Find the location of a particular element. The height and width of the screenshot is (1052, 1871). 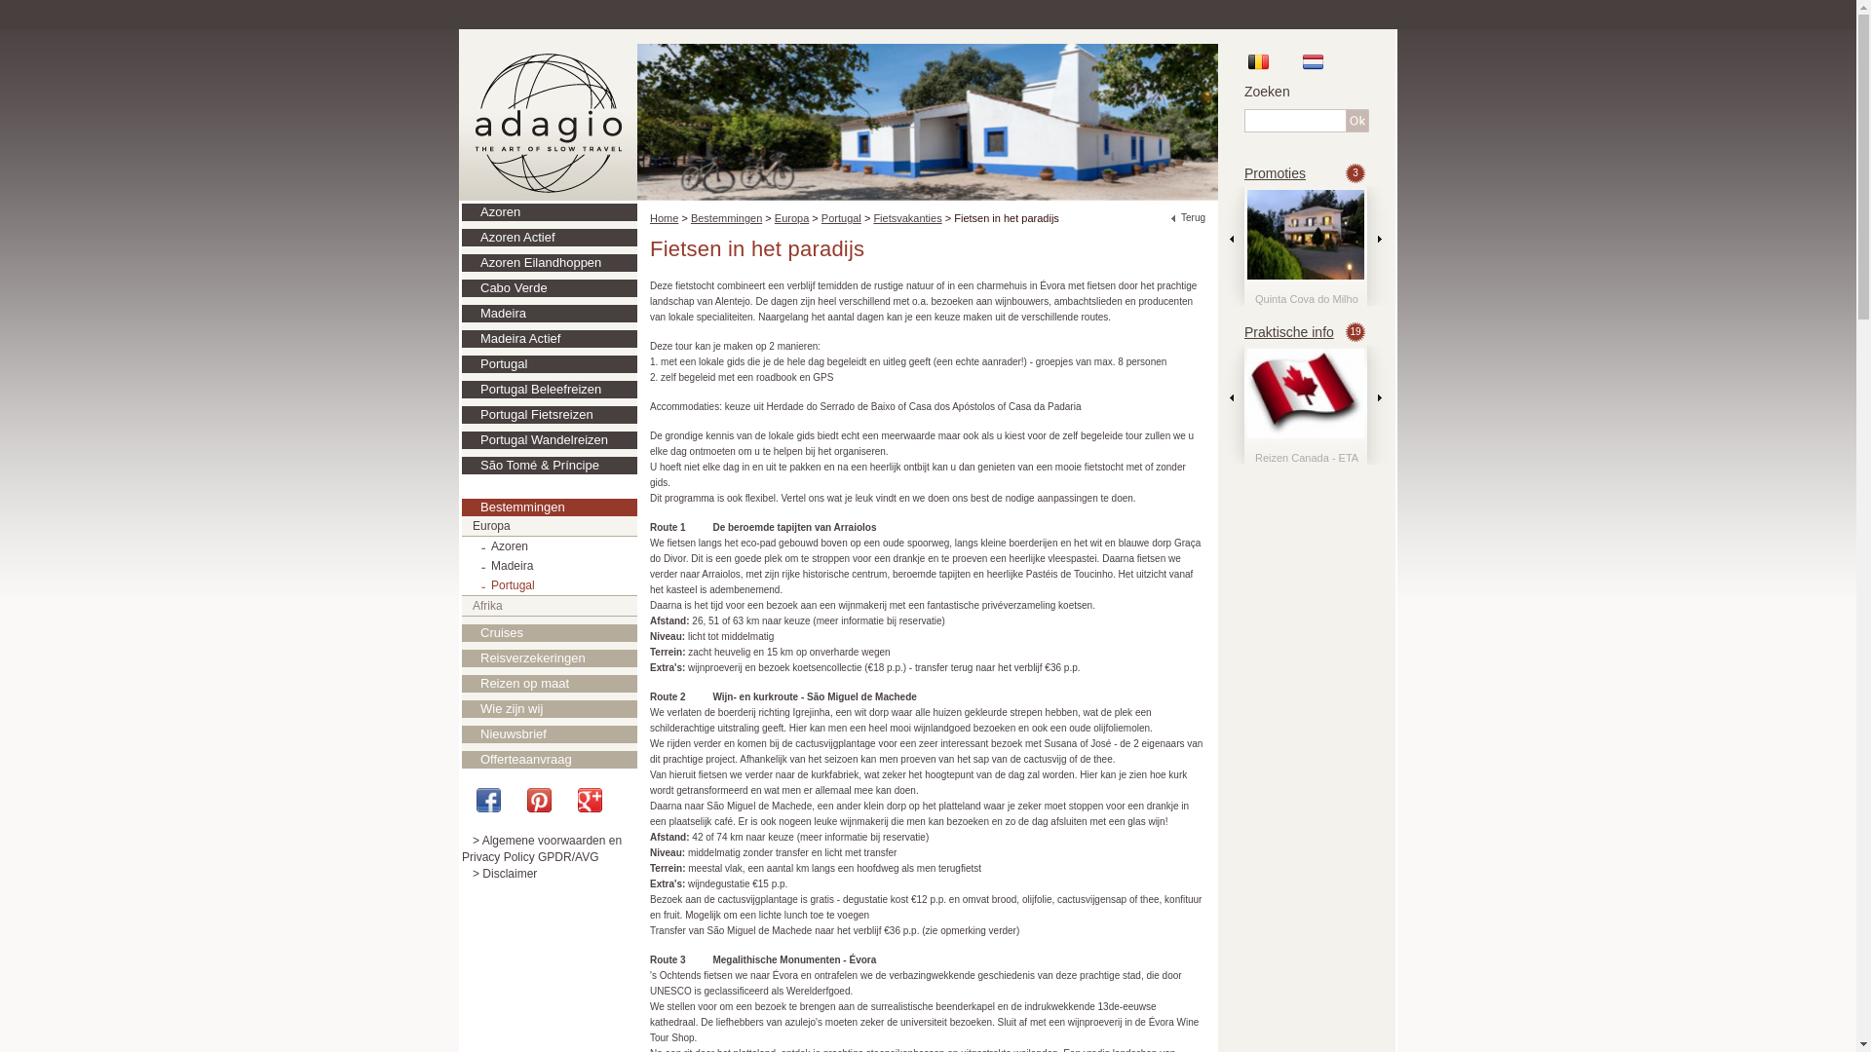

'Portugal Wandelreizen' is located at coordinates (549, 439).